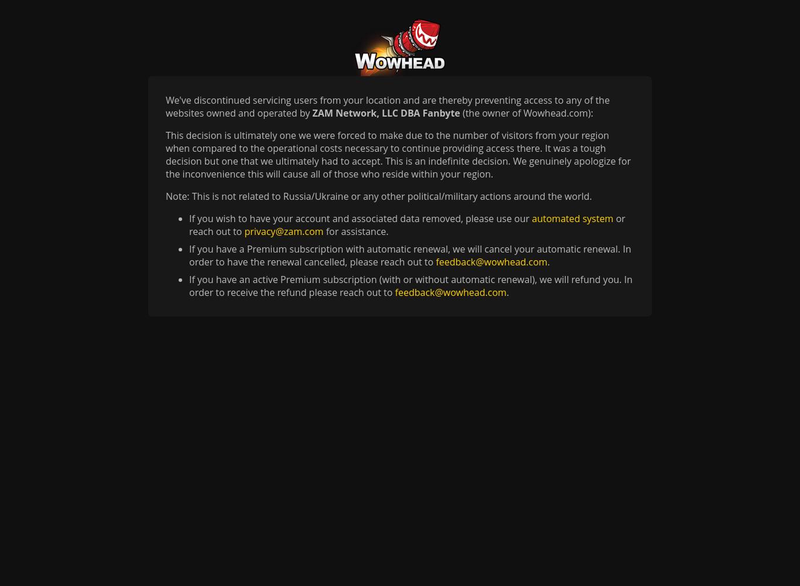  I want to click on 'automated system', so click(572, 218).